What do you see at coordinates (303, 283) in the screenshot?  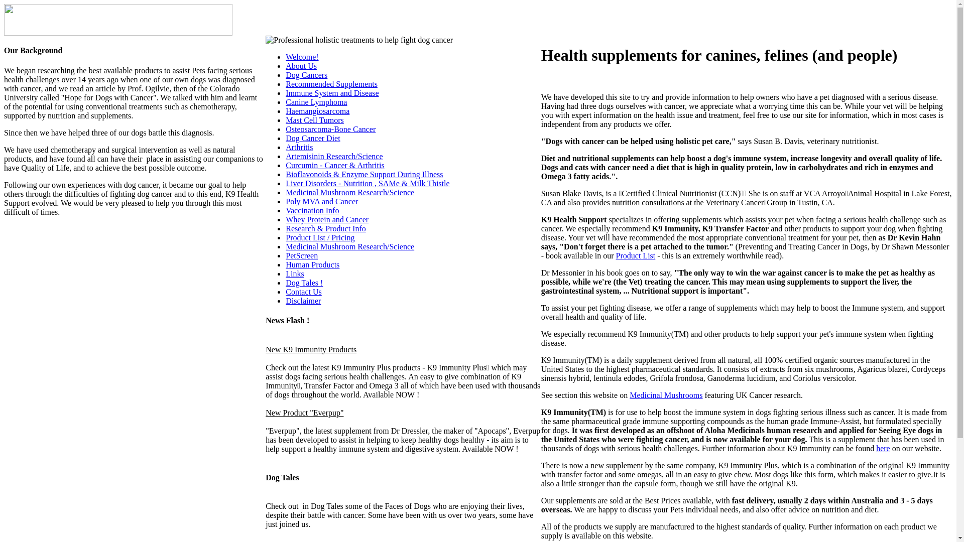 I see `'Dog Tales !'` at bounding box center [303, 283].